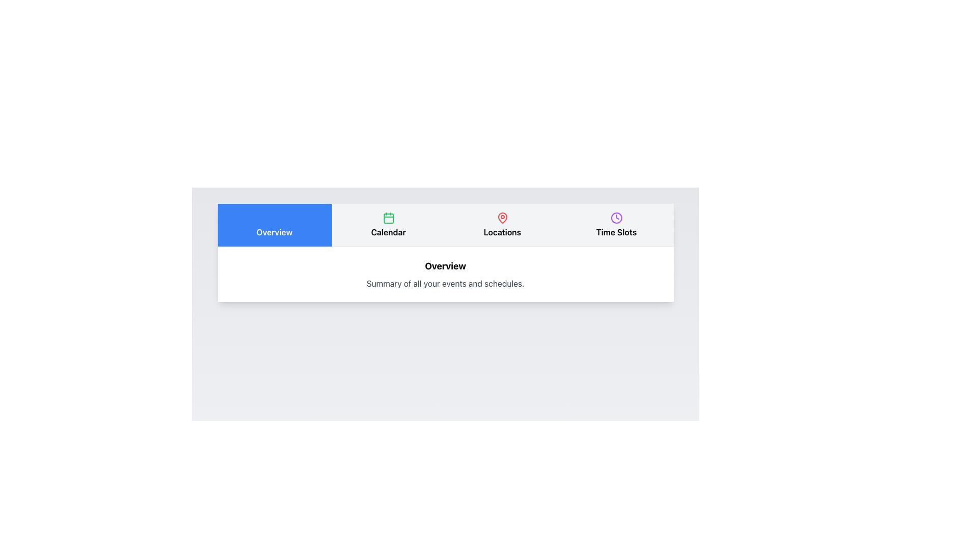  Describe the element at coordinates (502, 217) in the screenshot. I see `the location indicator icon located on the navigation bar, which is the third item from the left, between the calendar icon and the clock icon` at that location.